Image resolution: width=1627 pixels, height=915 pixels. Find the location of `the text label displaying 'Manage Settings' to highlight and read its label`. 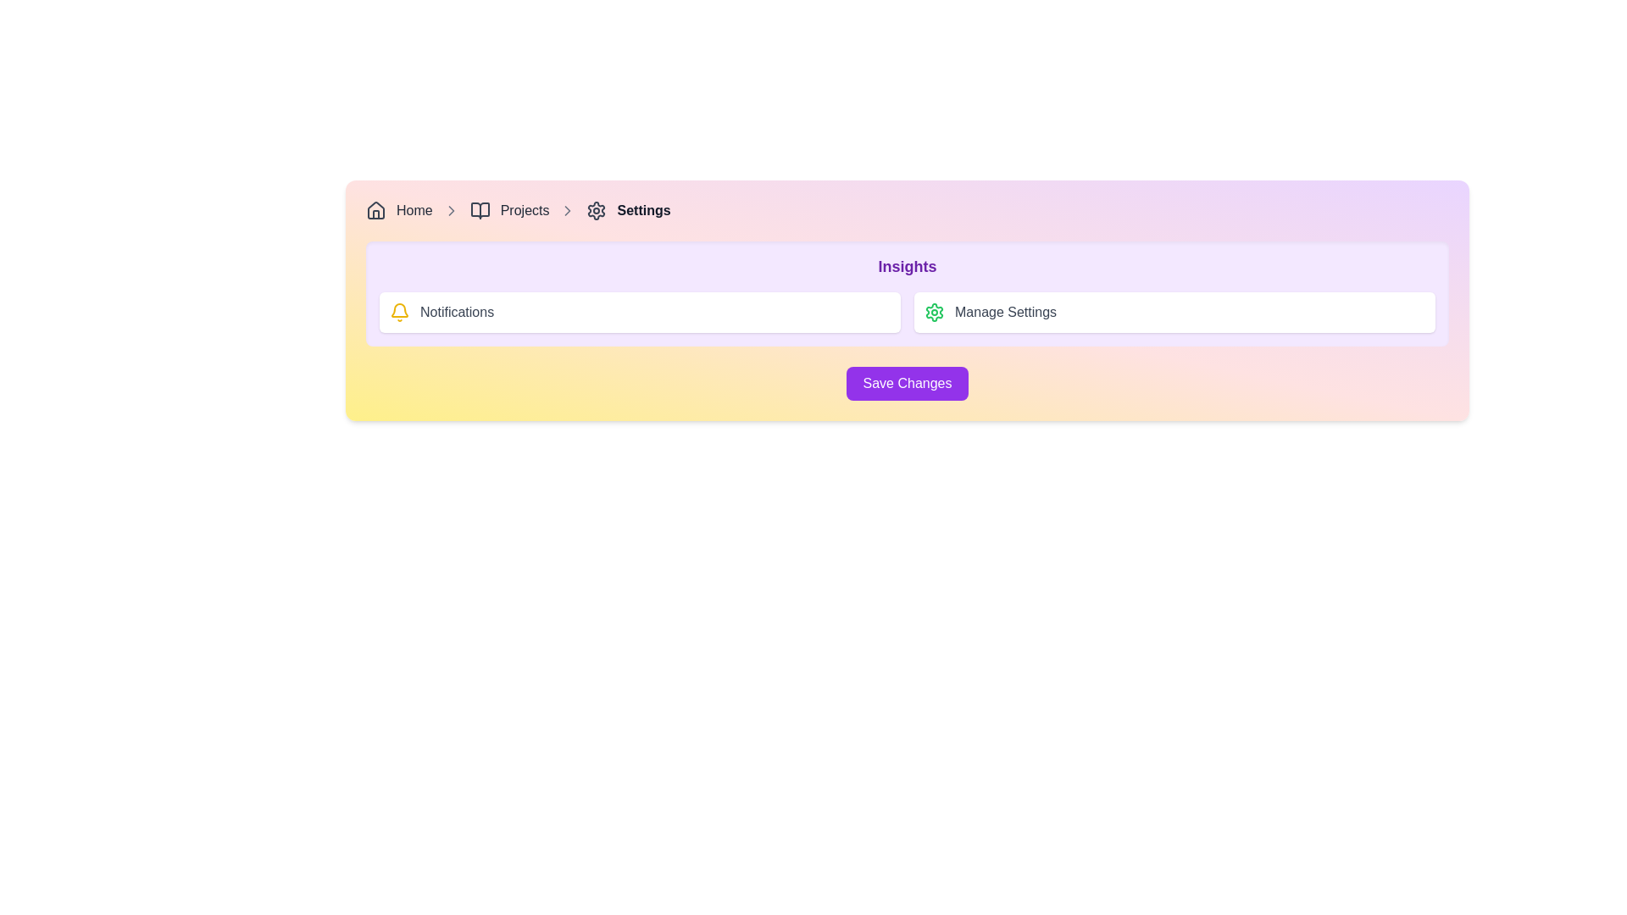

the text label displaying 'Manage Settings' to highlight and read its label is located at coordinates (1005, 313).